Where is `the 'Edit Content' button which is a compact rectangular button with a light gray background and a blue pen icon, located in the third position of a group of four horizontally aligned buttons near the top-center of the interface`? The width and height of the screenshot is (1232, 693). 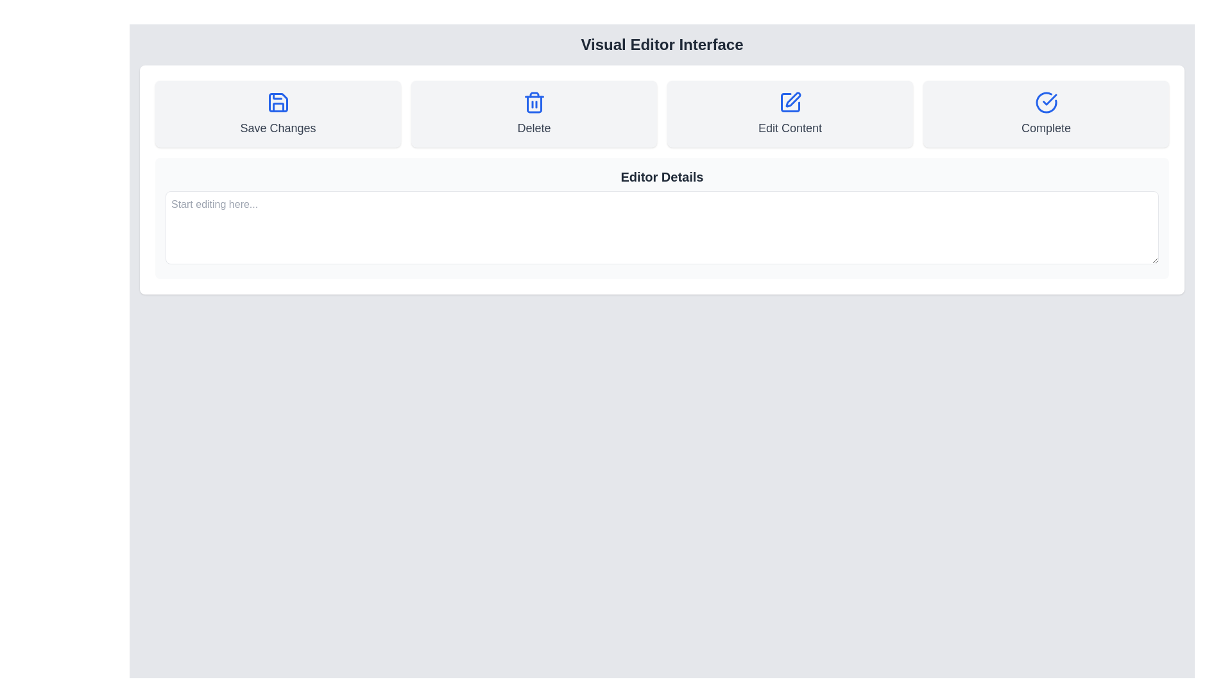 the 'Edit Content' button which is a compact rectangular button with a light gray background and a blue pen icon, located in the third position of a group of four horizontally aligned buttons near the top-center of the interface is located at coordinates (789, 113).